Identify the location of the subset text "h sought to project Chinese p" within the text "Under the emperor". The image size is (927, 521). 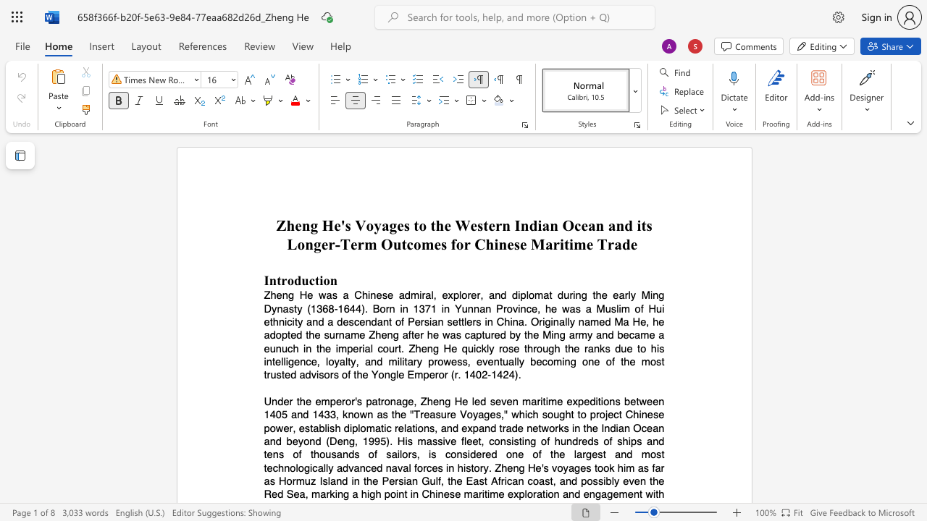
(532, 415).